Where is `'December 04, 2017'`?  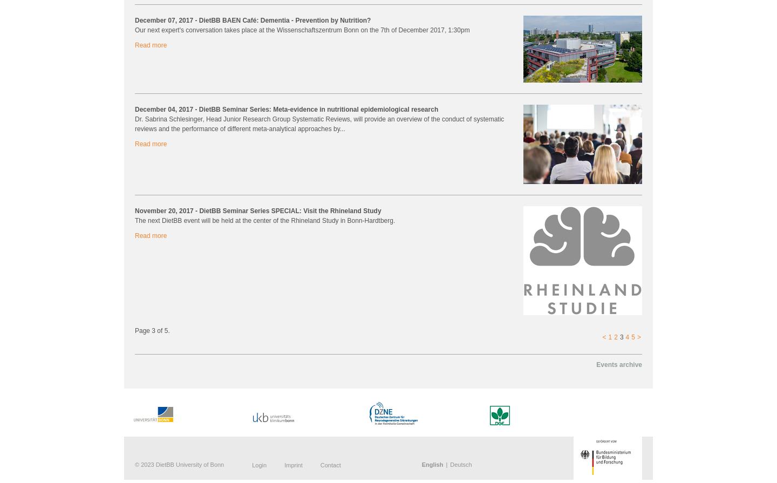 'December 04, 2017' is located at coordinates (165, 109).